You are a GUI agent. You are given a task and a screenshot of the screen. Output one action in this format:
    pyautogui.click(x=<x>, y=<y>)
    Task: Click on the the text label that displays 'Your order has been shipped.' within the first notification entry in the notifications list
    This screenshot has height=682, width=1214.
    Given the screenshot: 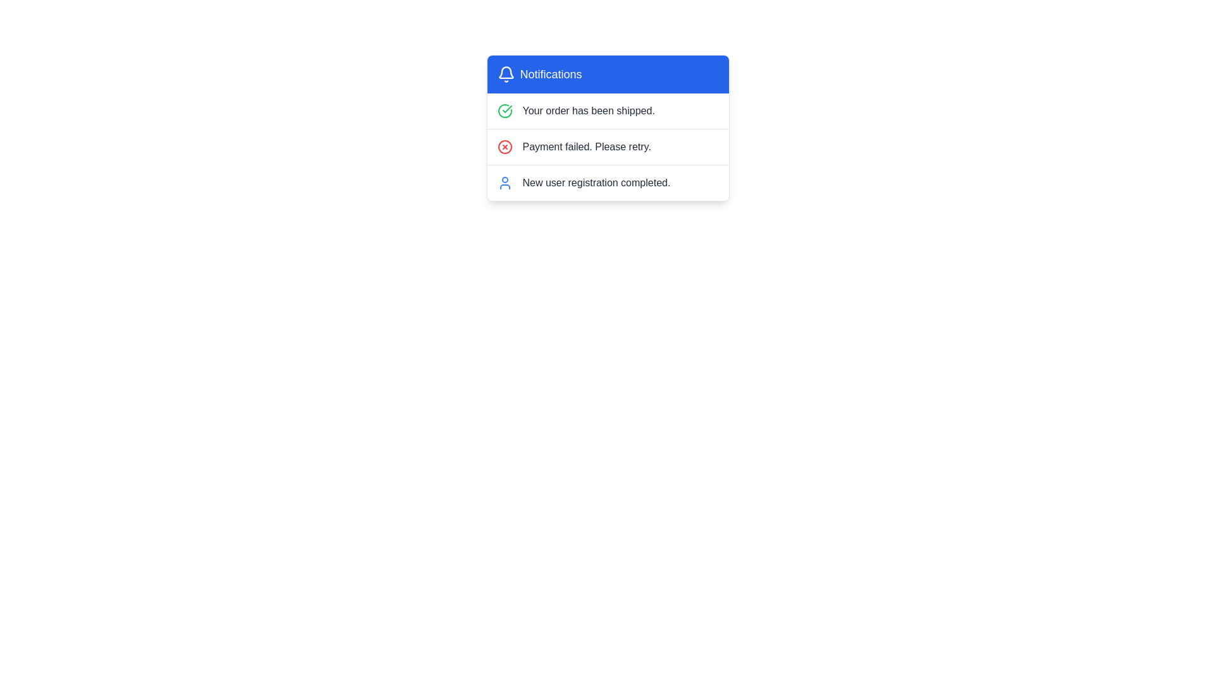 What is the action you would take?
    pyautogui.click(x=588, y=111)
    